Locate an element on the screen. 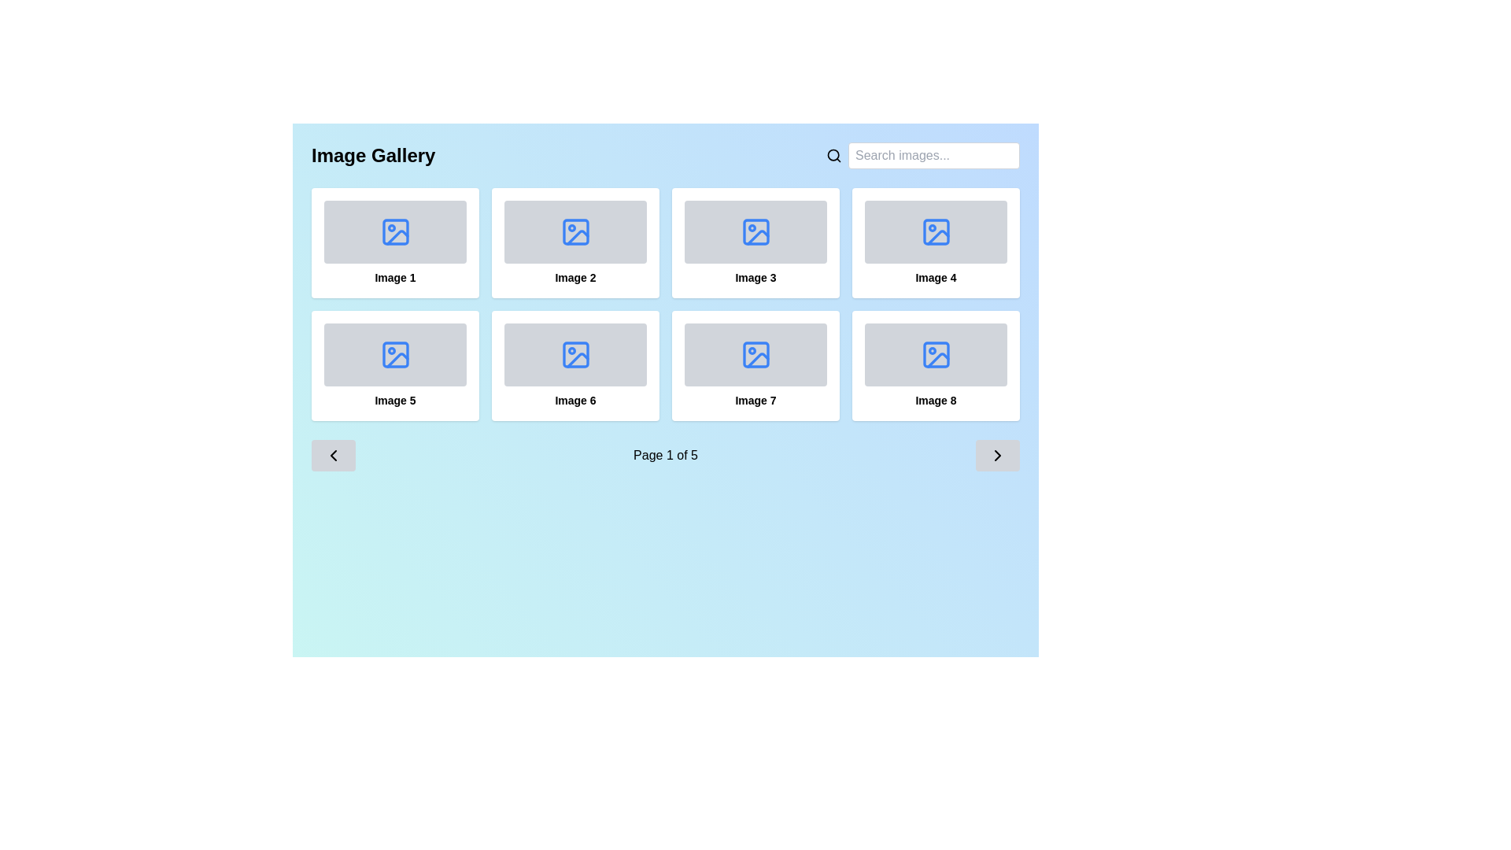 The height and width of the screenshot is (850, 1511). label text located at the bottom-right corner beneath the 'Image 8' placeholder component, which serves as a caption for the associated image is located at coordinates (936, 400).